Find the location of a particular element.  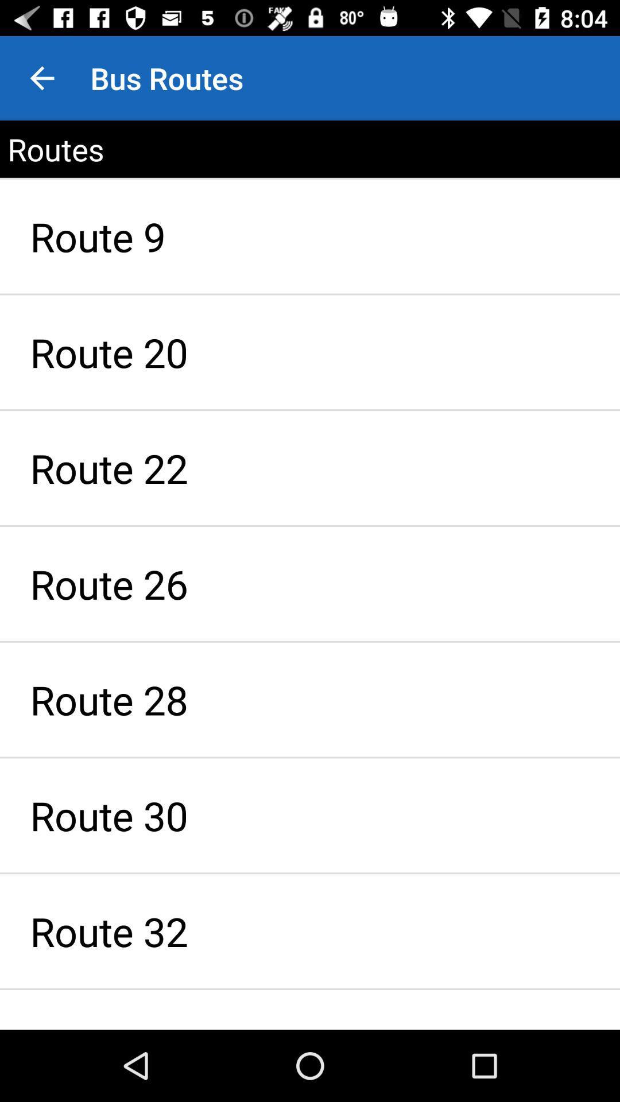

item below route 28 icon is located at coordinates (310, 814).